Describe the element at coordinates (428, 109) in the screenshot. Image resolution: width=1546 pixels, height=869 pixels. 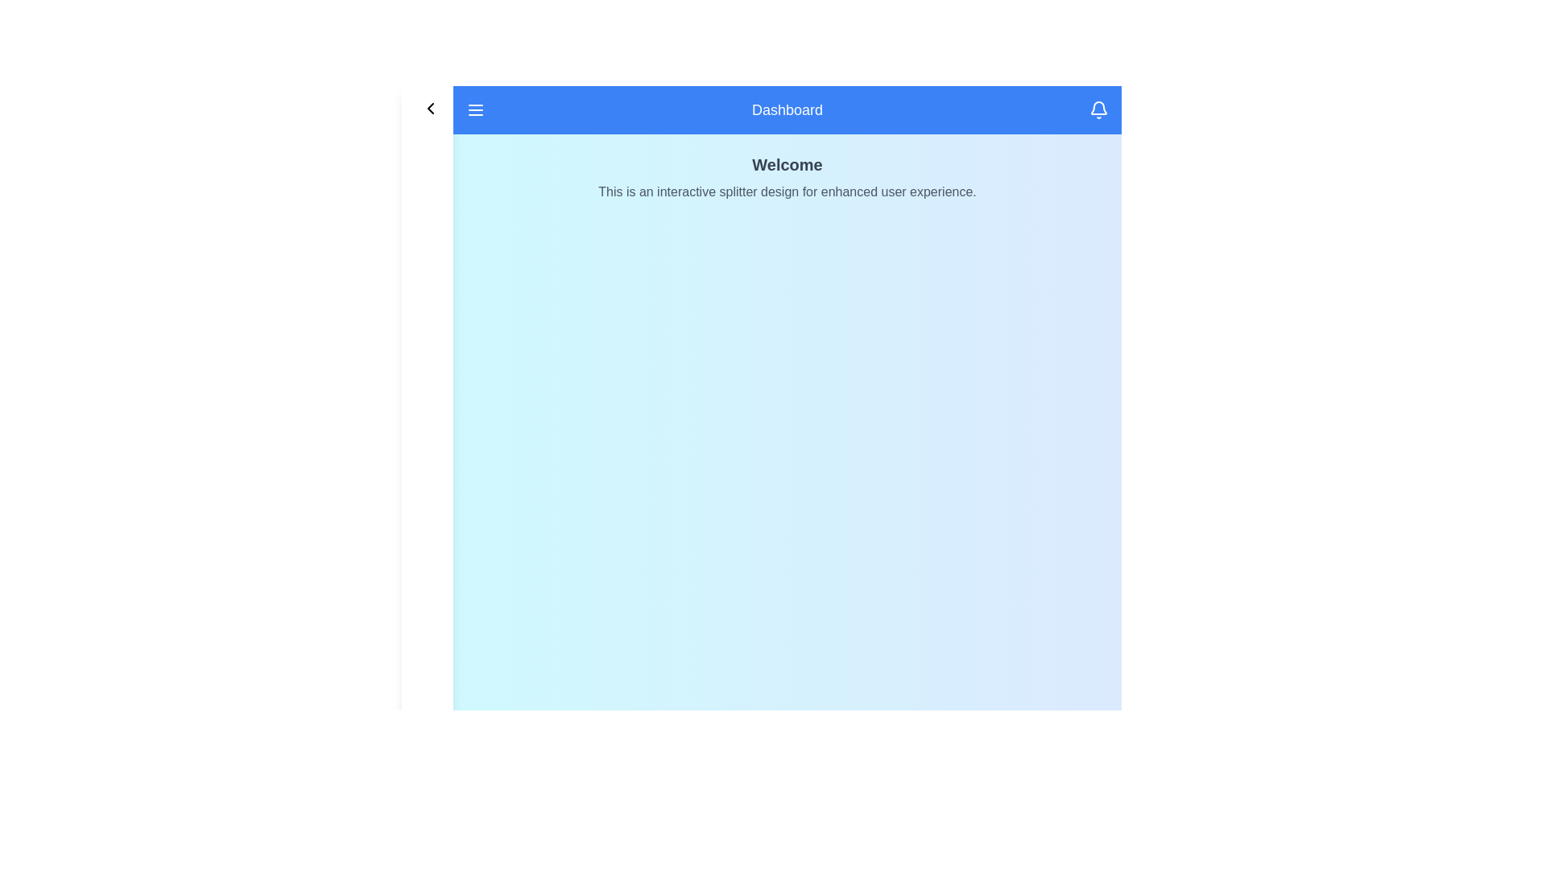
I see `the left-pointing chevron icon located at the top of the left side panel` at that location.